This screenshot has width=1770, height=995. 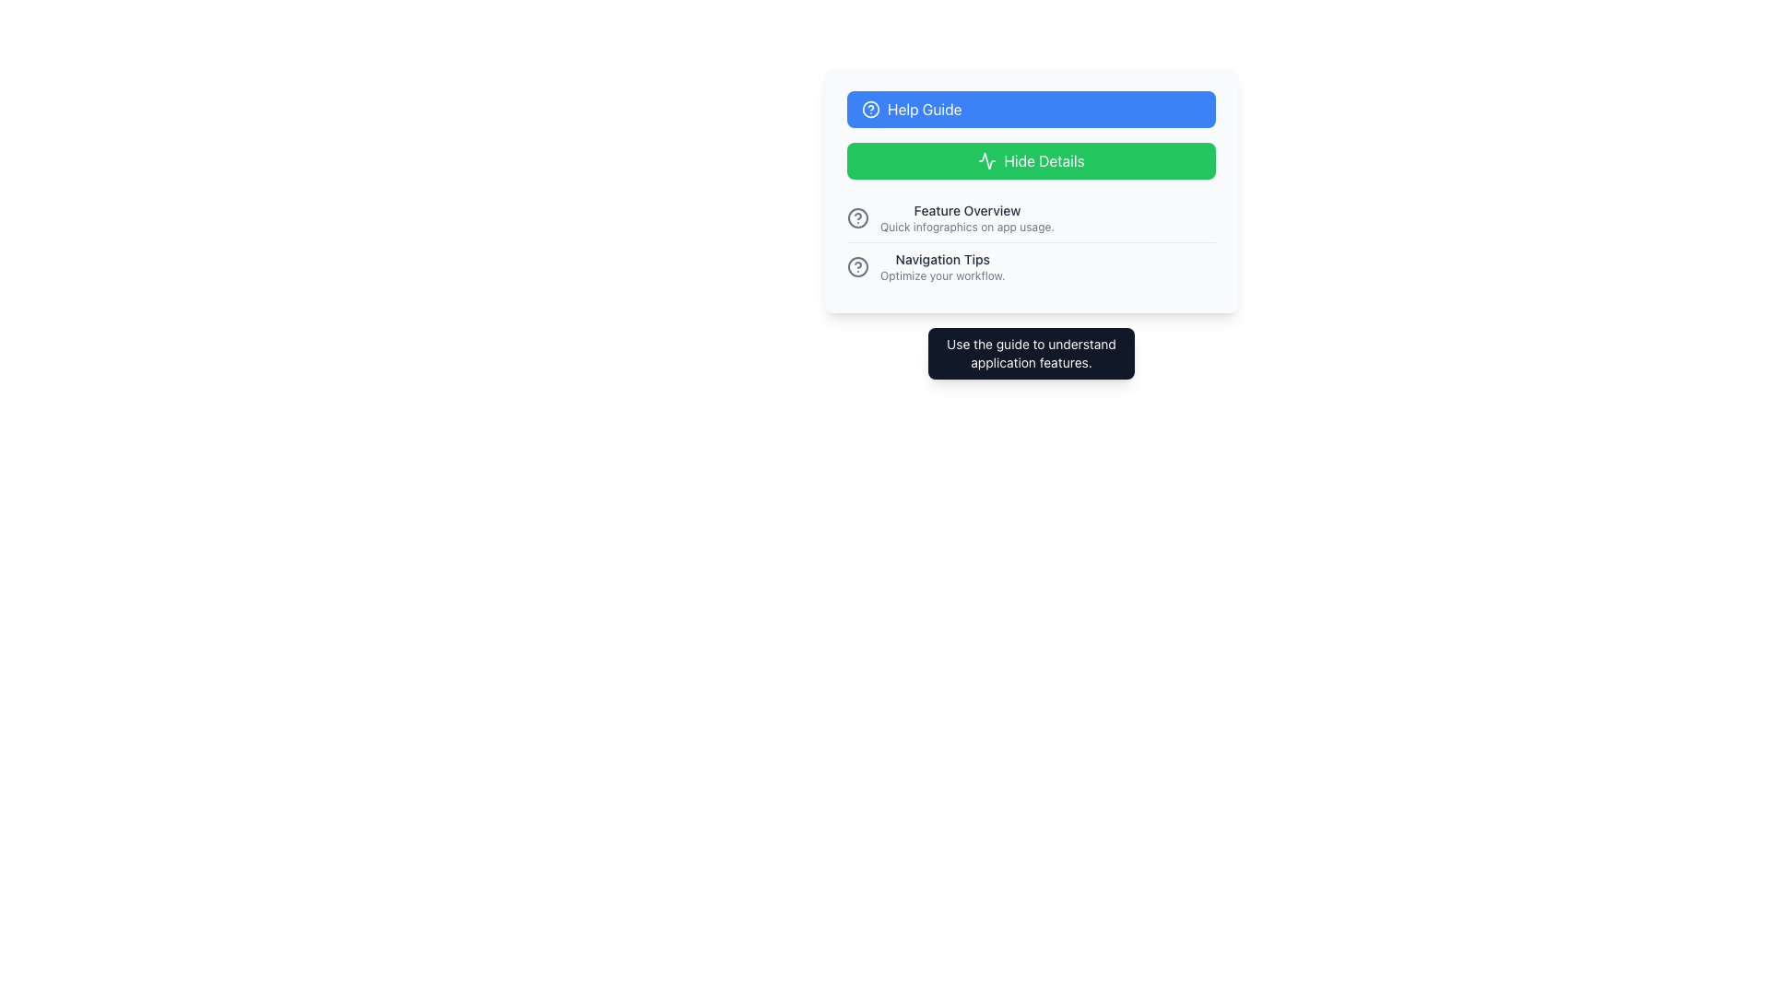 What do you see at coordinates (1030, 159) in the screenshot?
I see `the green 'Hide Details' button with rounded edges, located centrally within the light gray box` at bounding box center [1030, 159].